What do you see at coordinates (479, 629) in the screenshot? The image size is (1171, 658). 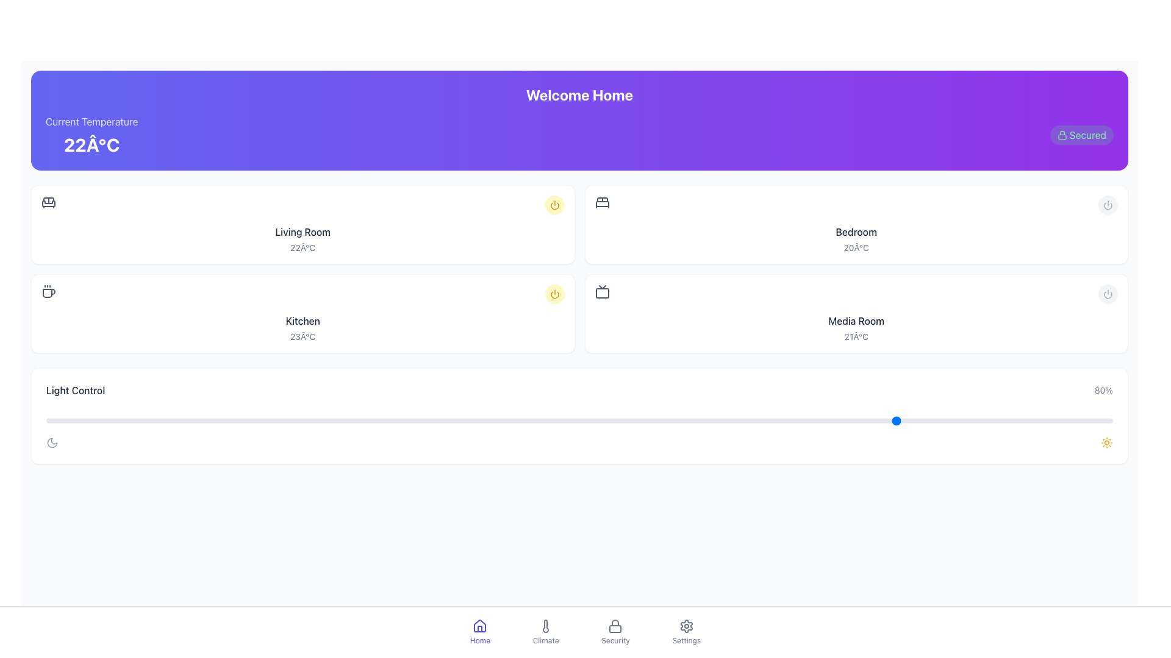 I see `the lower portion of the house icon in the bottom-center navigation panel` at bounding box center [479, 629].